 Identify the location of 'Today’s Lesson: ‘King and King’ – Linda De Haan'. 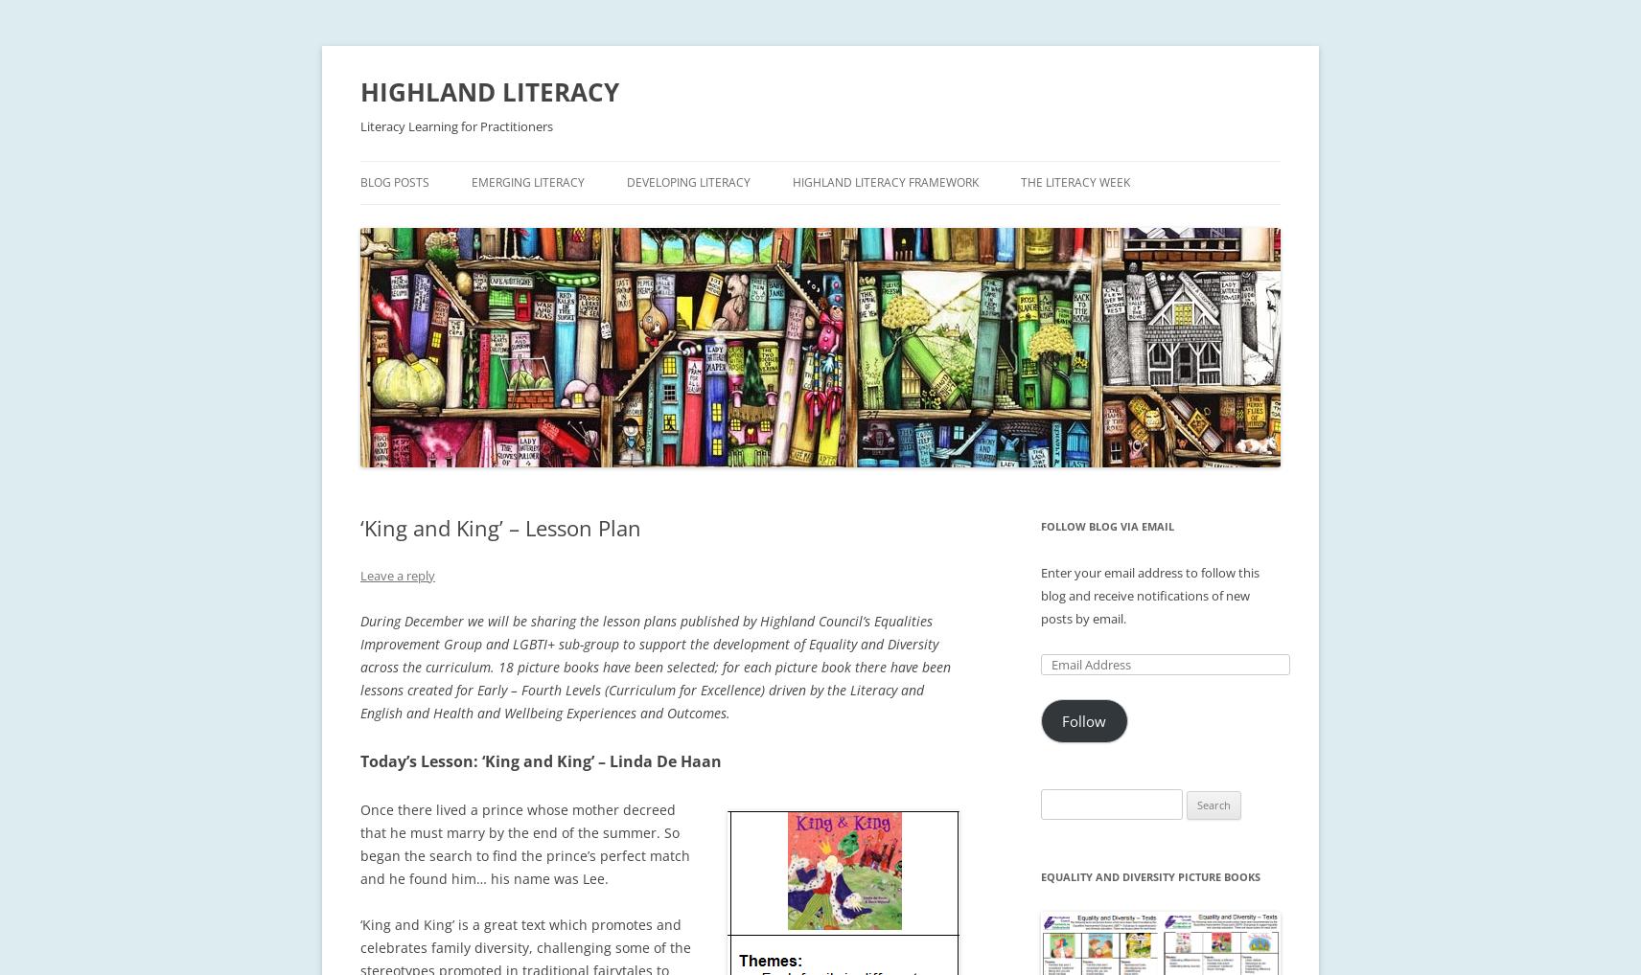
(540, 760).